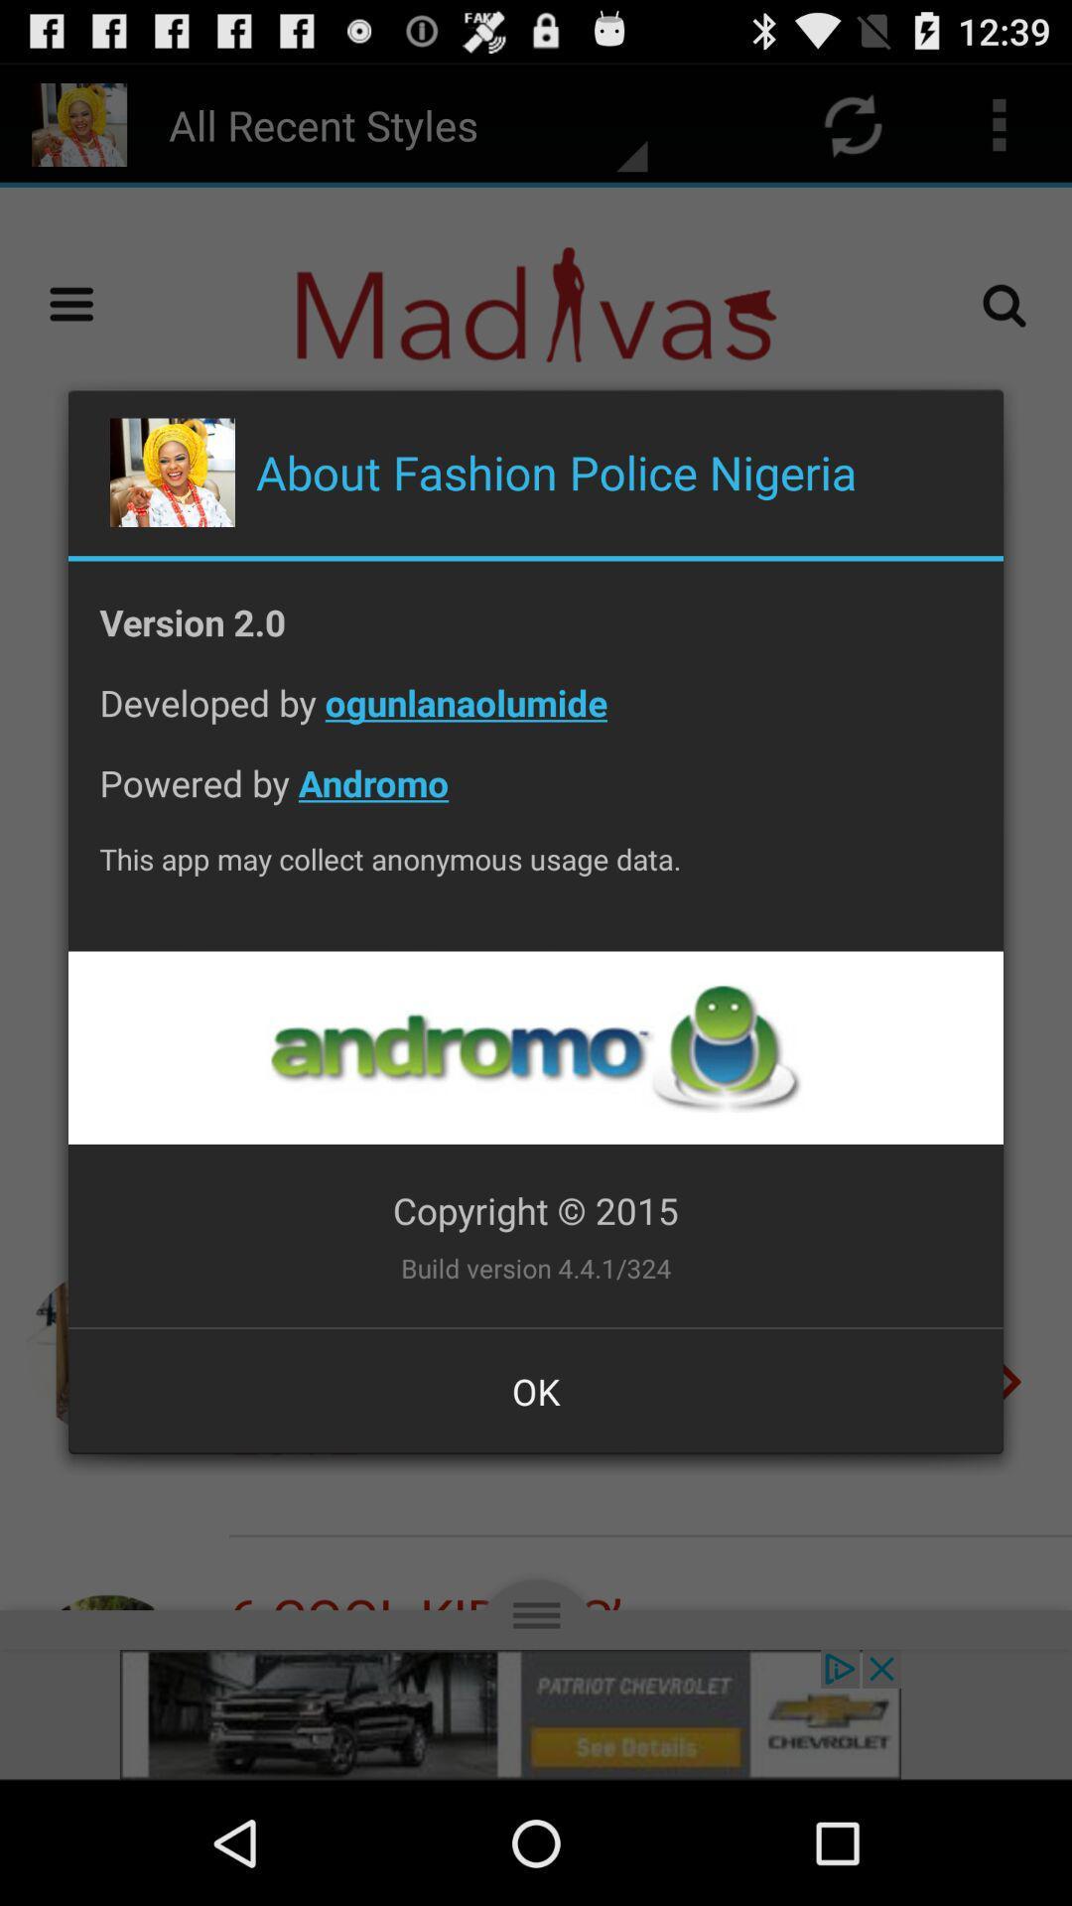 The image size is (1072, 1906). Describe the element at coordinates (536, 798) in the screenshot. I see `powered by andromo app` at that location.